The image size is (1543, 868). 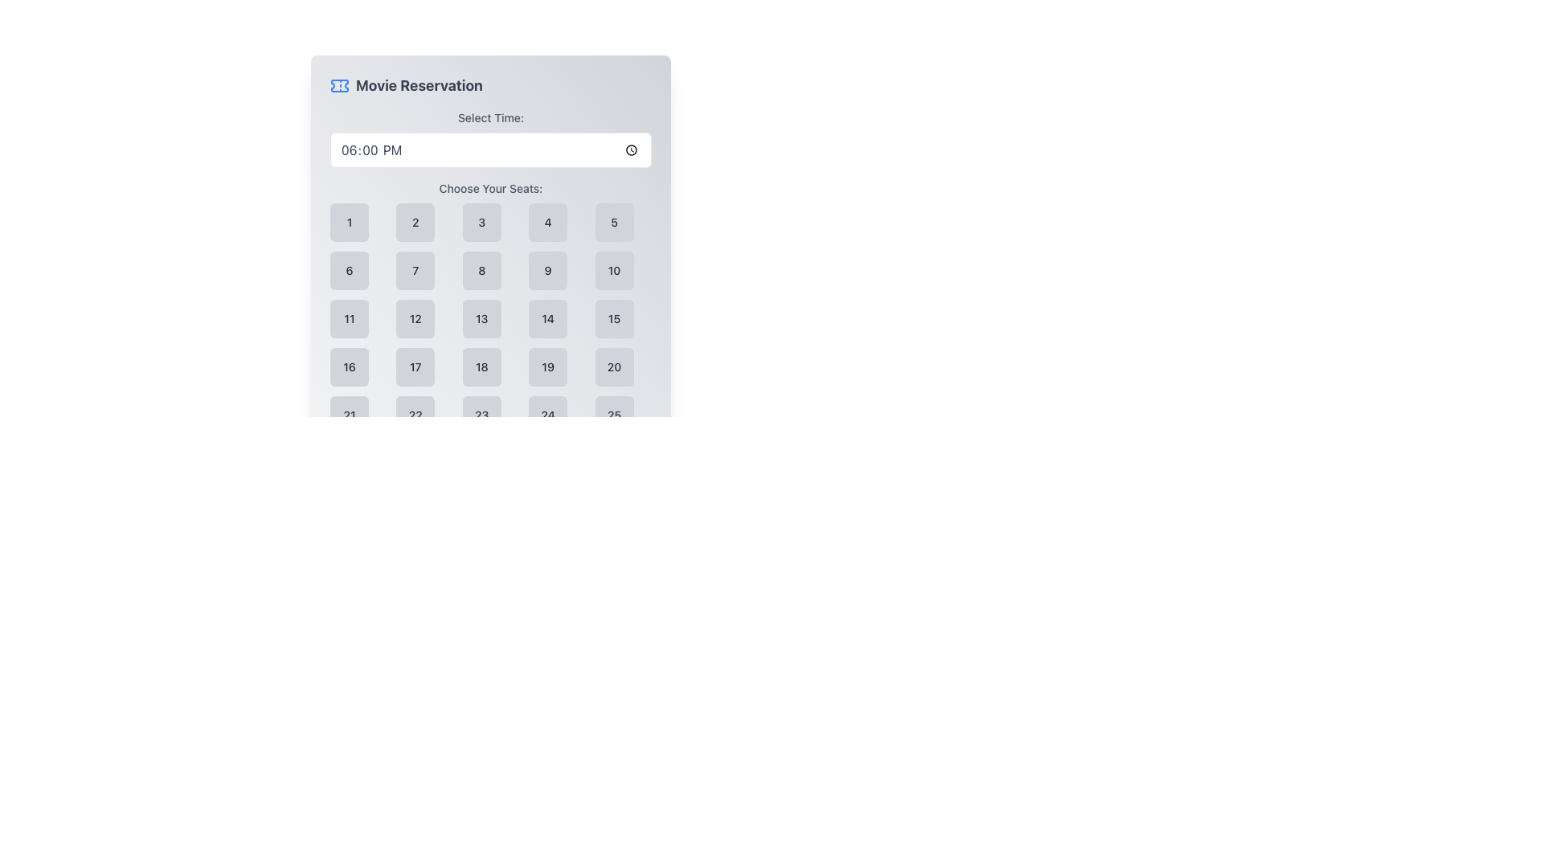 I want to click on the square-shaped button with a light gray background displaying the number '25' in dark gray font, so click(x=613, y=414).